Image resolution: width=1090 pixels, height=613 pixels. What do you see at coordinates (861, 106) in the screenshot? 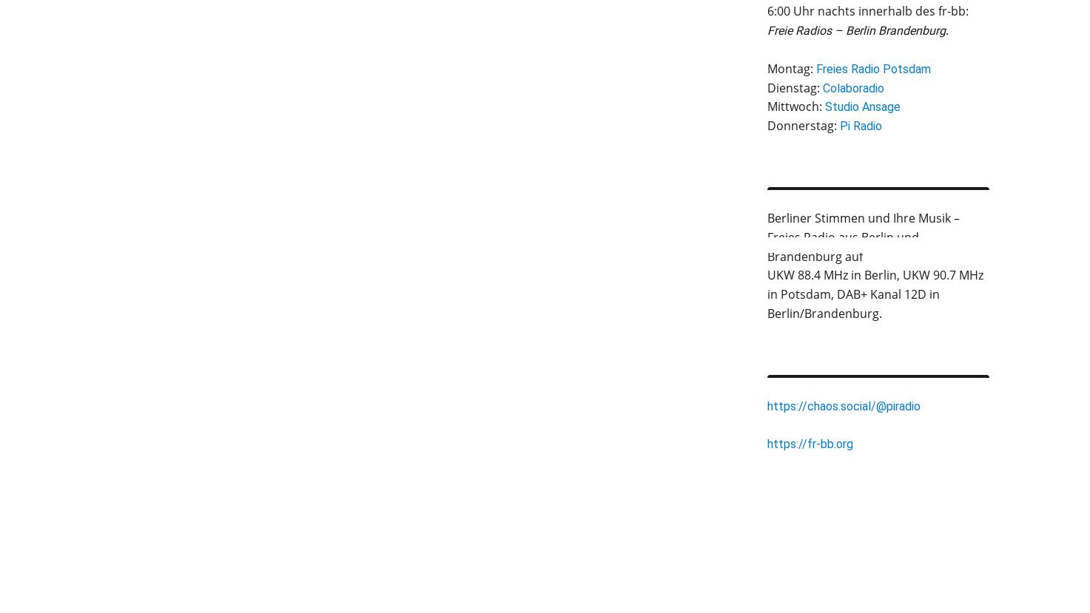
I see `'Studio Ansage'` at bounding box center [861, 106].